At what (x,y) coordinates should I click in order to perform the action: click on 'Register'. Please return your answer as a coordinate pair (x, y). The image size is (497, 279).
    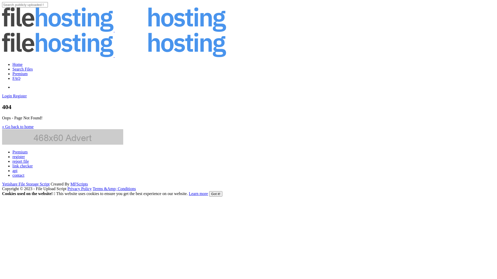
    Looking at the image, I should click on (13, 96).